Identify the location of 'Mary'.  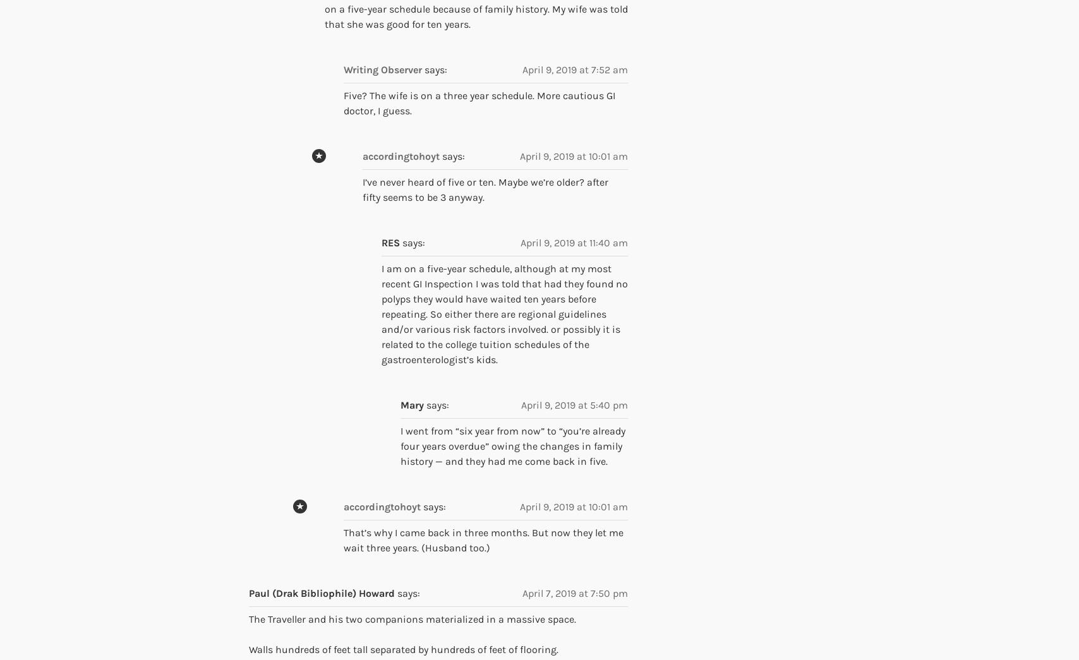
(412, 405).